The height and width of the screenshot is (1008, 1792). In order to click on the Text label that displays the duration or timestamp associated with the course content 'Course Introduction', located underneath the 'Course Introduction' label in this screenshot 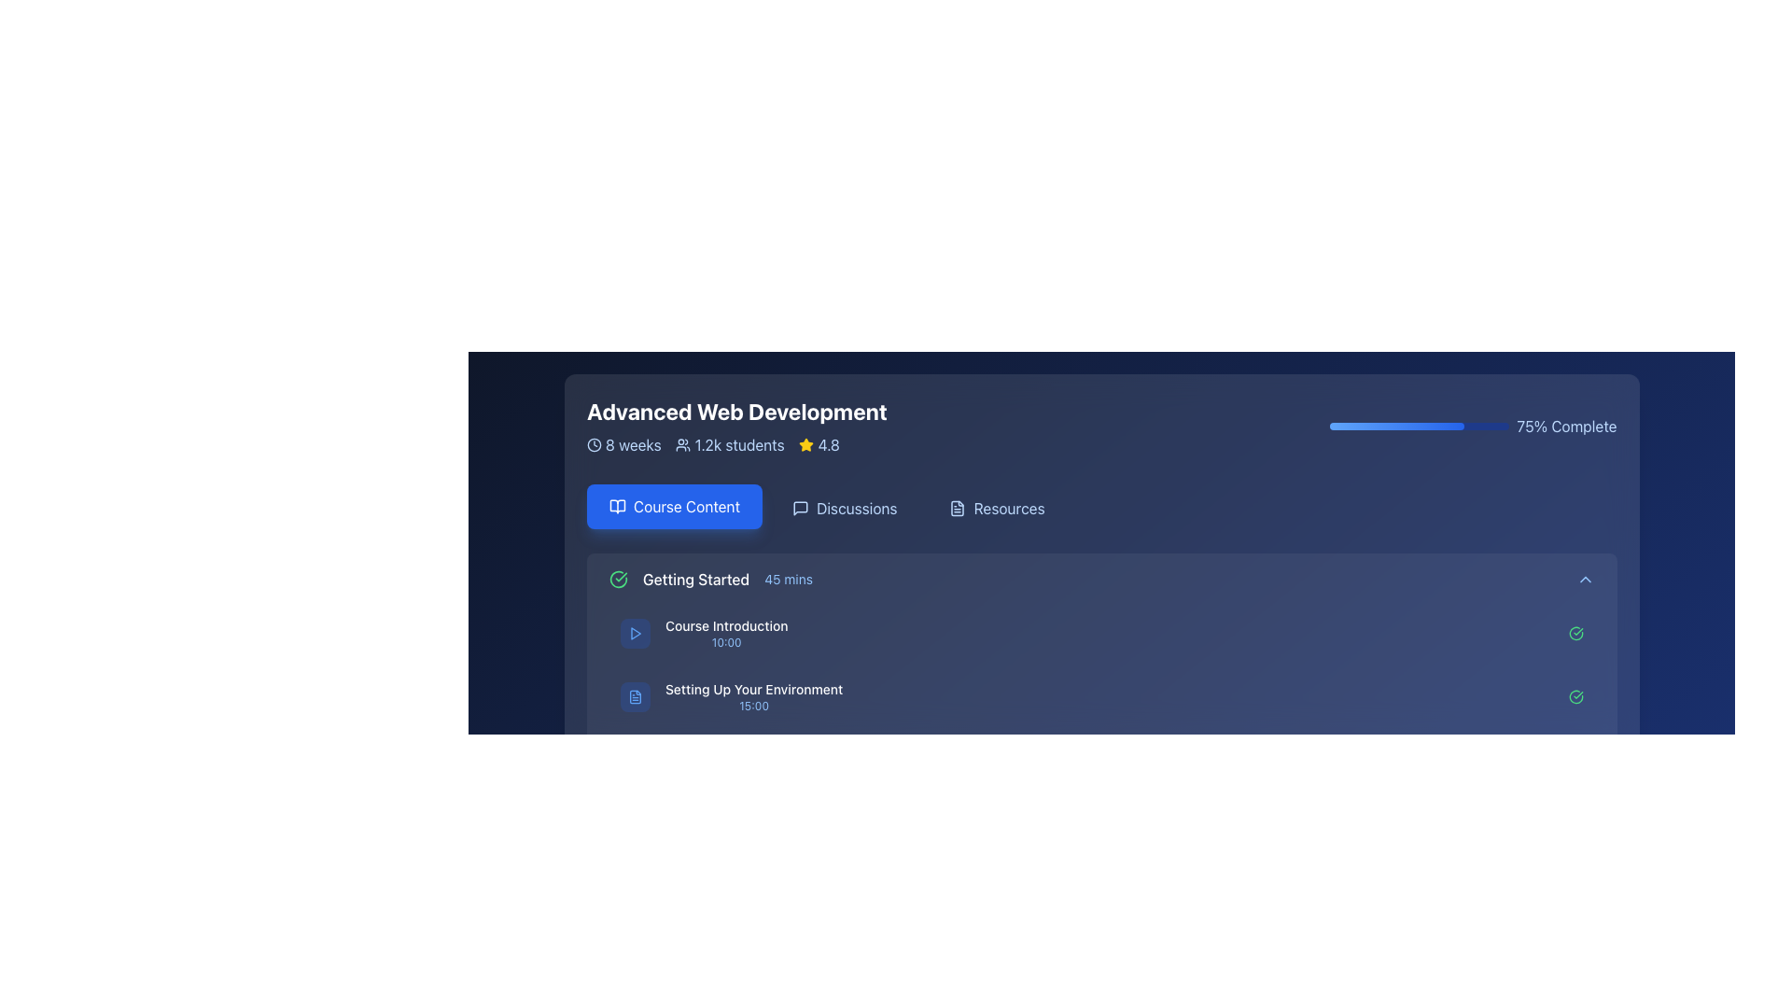, I will do `click(725, 642)`.